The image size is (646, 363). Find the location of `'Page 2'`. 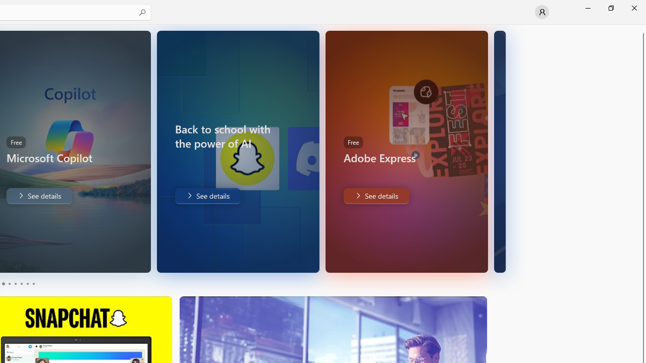

'Page 2' is located at coordinates (9, 284).